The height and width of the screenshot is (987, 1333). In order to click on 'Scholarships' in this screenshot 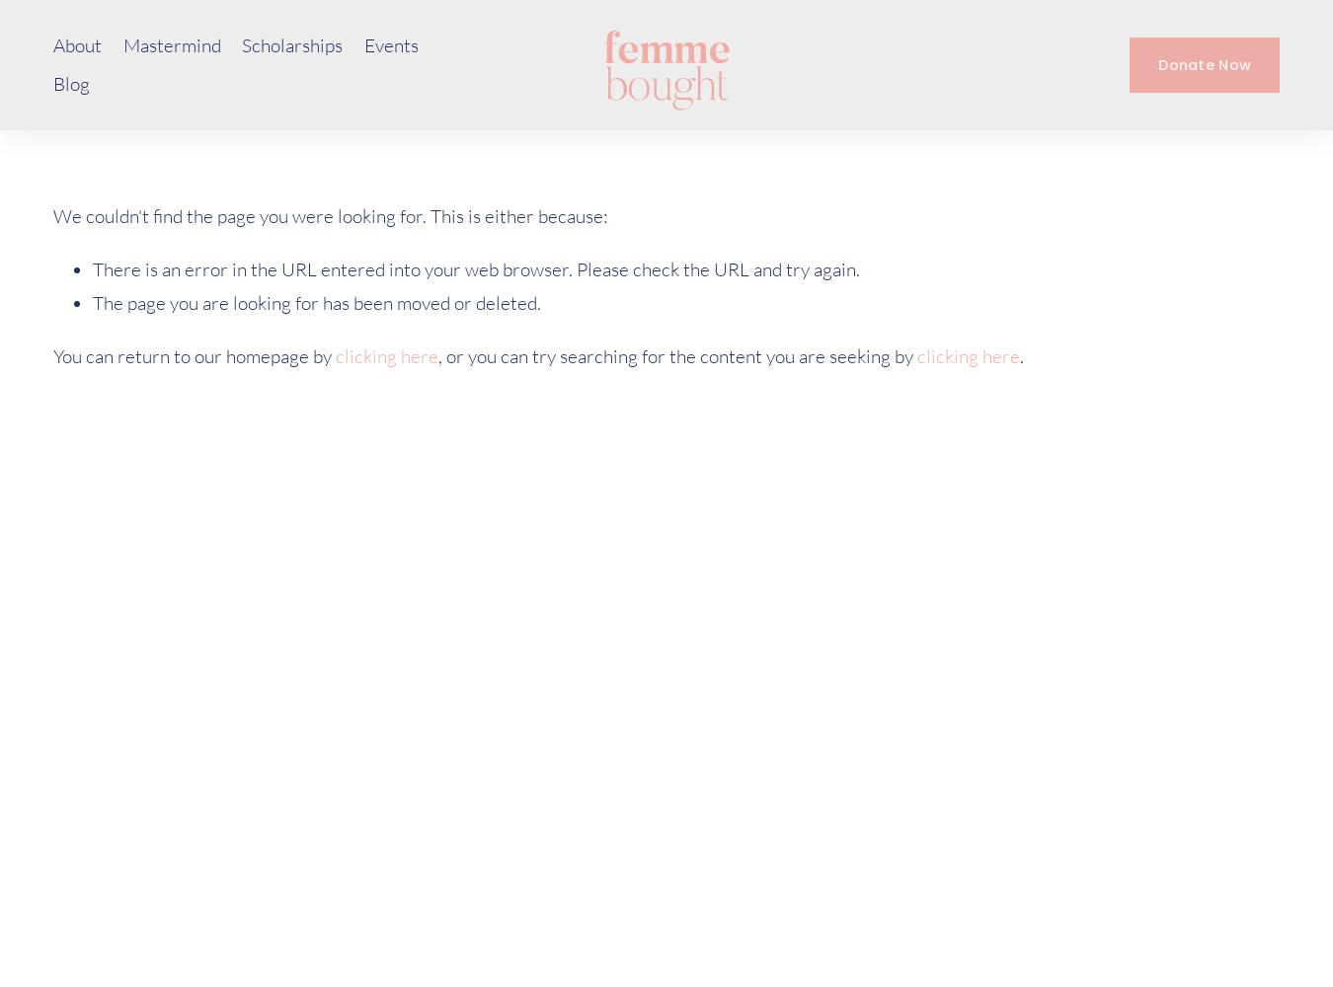, I will do `click(291, 45)`.